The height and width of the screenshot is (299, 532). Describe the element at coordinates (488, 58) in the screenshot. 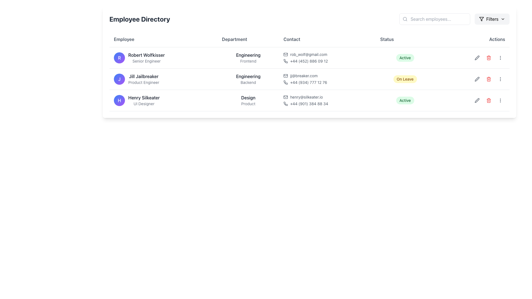

I see `the delete button with an icon located in the 'Actions' column of the second row in the 'Employee Directory' table to change its background color` at that location.